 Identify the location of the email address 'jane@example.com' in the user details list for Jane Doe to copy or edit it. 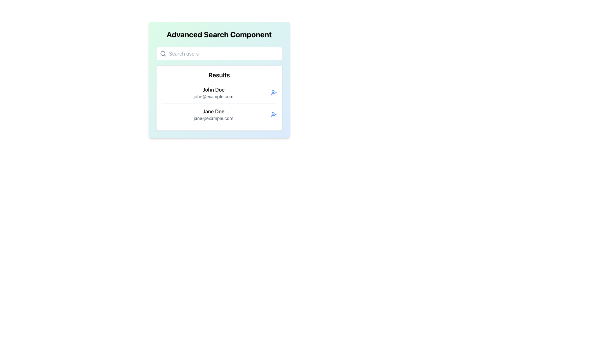
(213, 114).